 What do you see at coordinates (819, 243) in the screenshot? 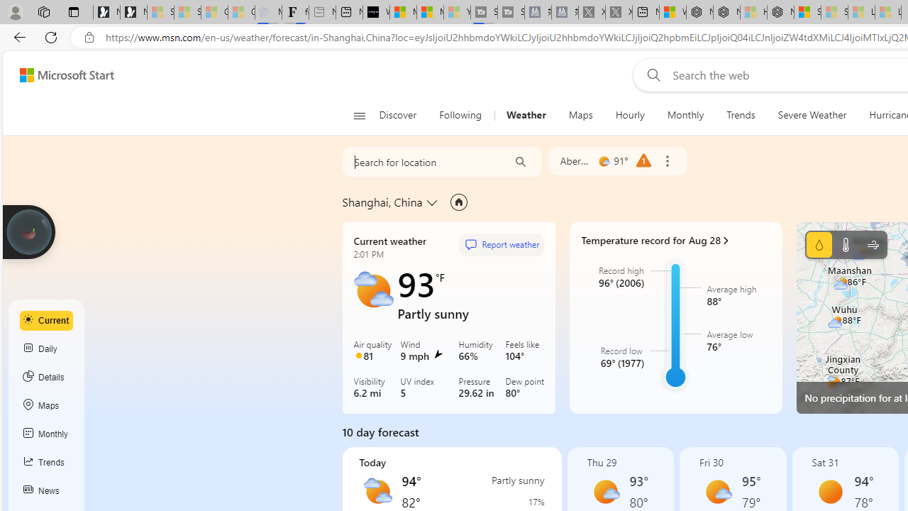
I see `'Precipitation'` at bounding box center [819, 243].